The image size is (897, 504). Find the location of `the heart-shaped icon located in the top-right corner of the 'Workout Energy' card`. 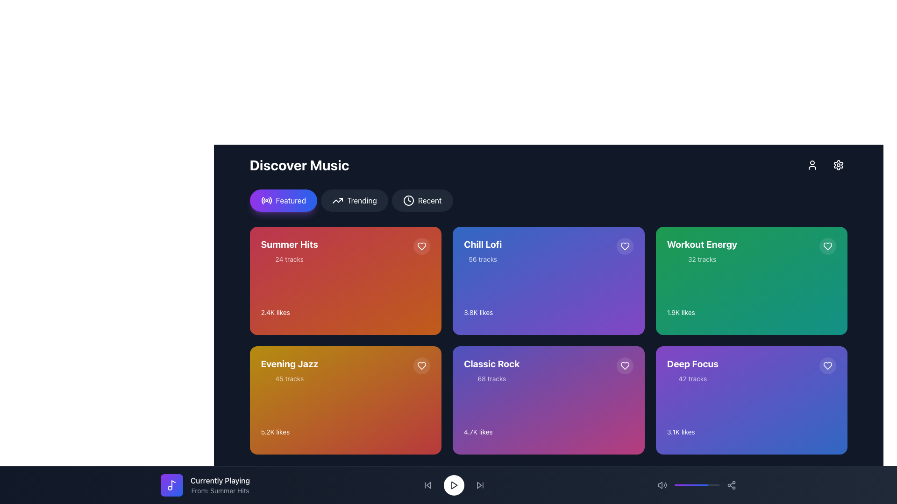

the heart-shaped icon located in the top-right corner of the 'Workout Energy' card is located at coordinates (828, 246).